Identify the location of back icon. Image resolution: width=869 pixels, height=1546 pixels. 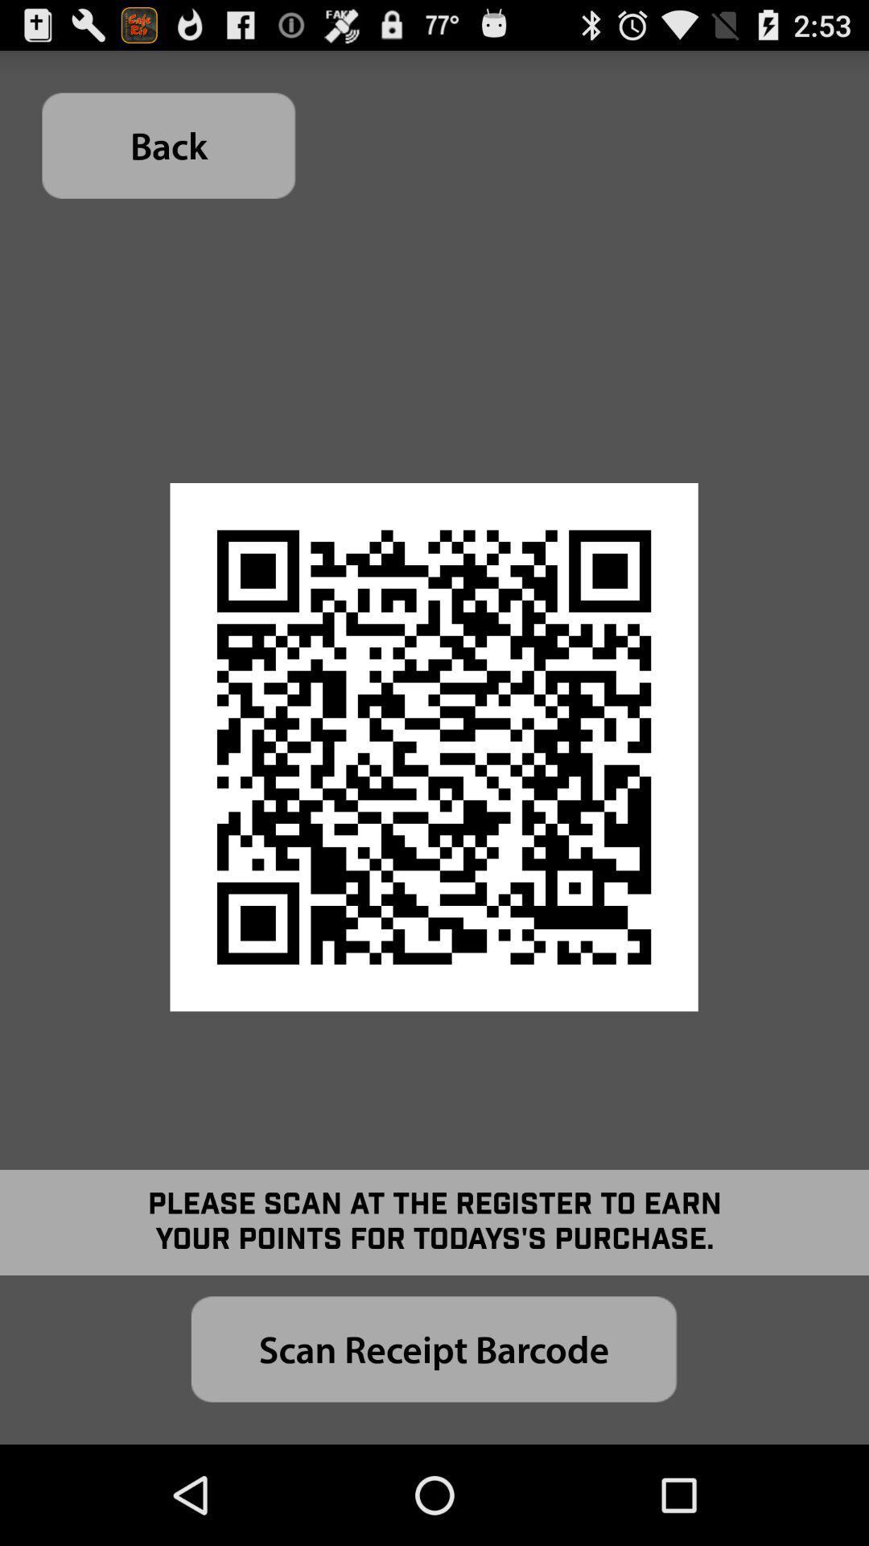
(168, 146).